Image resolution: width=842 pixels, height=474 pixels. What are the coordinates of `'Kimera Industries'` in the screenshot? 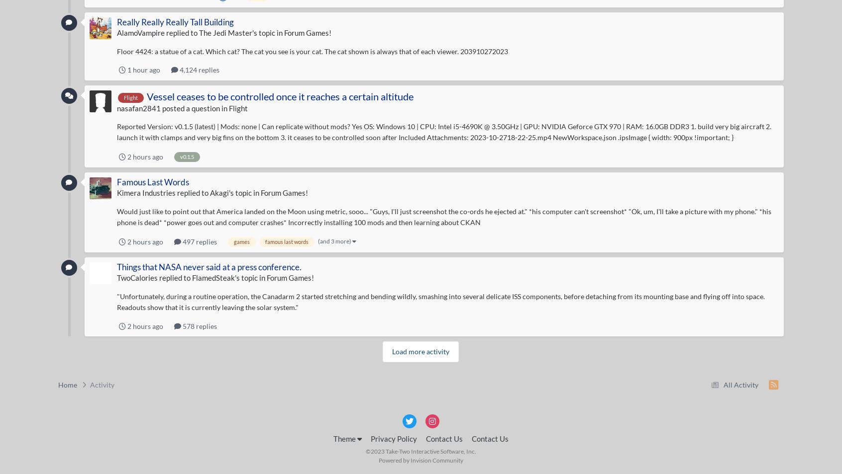 It's located at (145, 192).